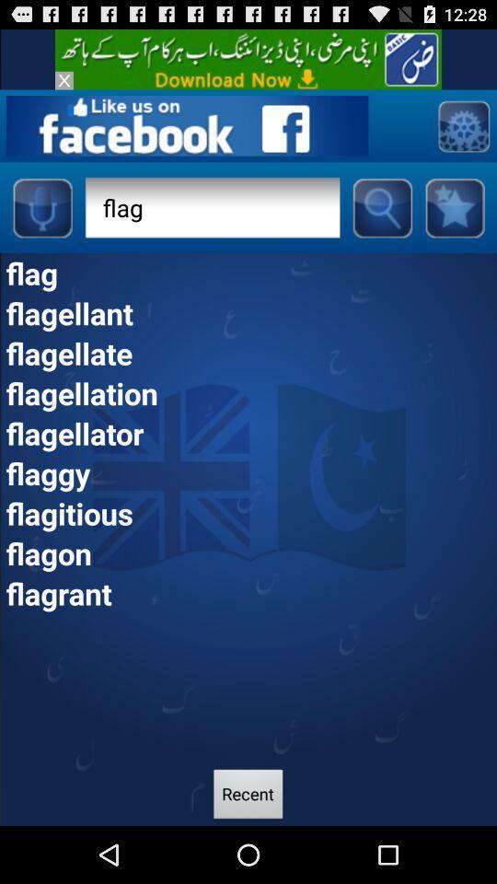 This screenshot has height=884, width=497. What do you see at coordinates (454, 207) in the screenshot?
I see `show favorites` at bounding box center [454, 207].